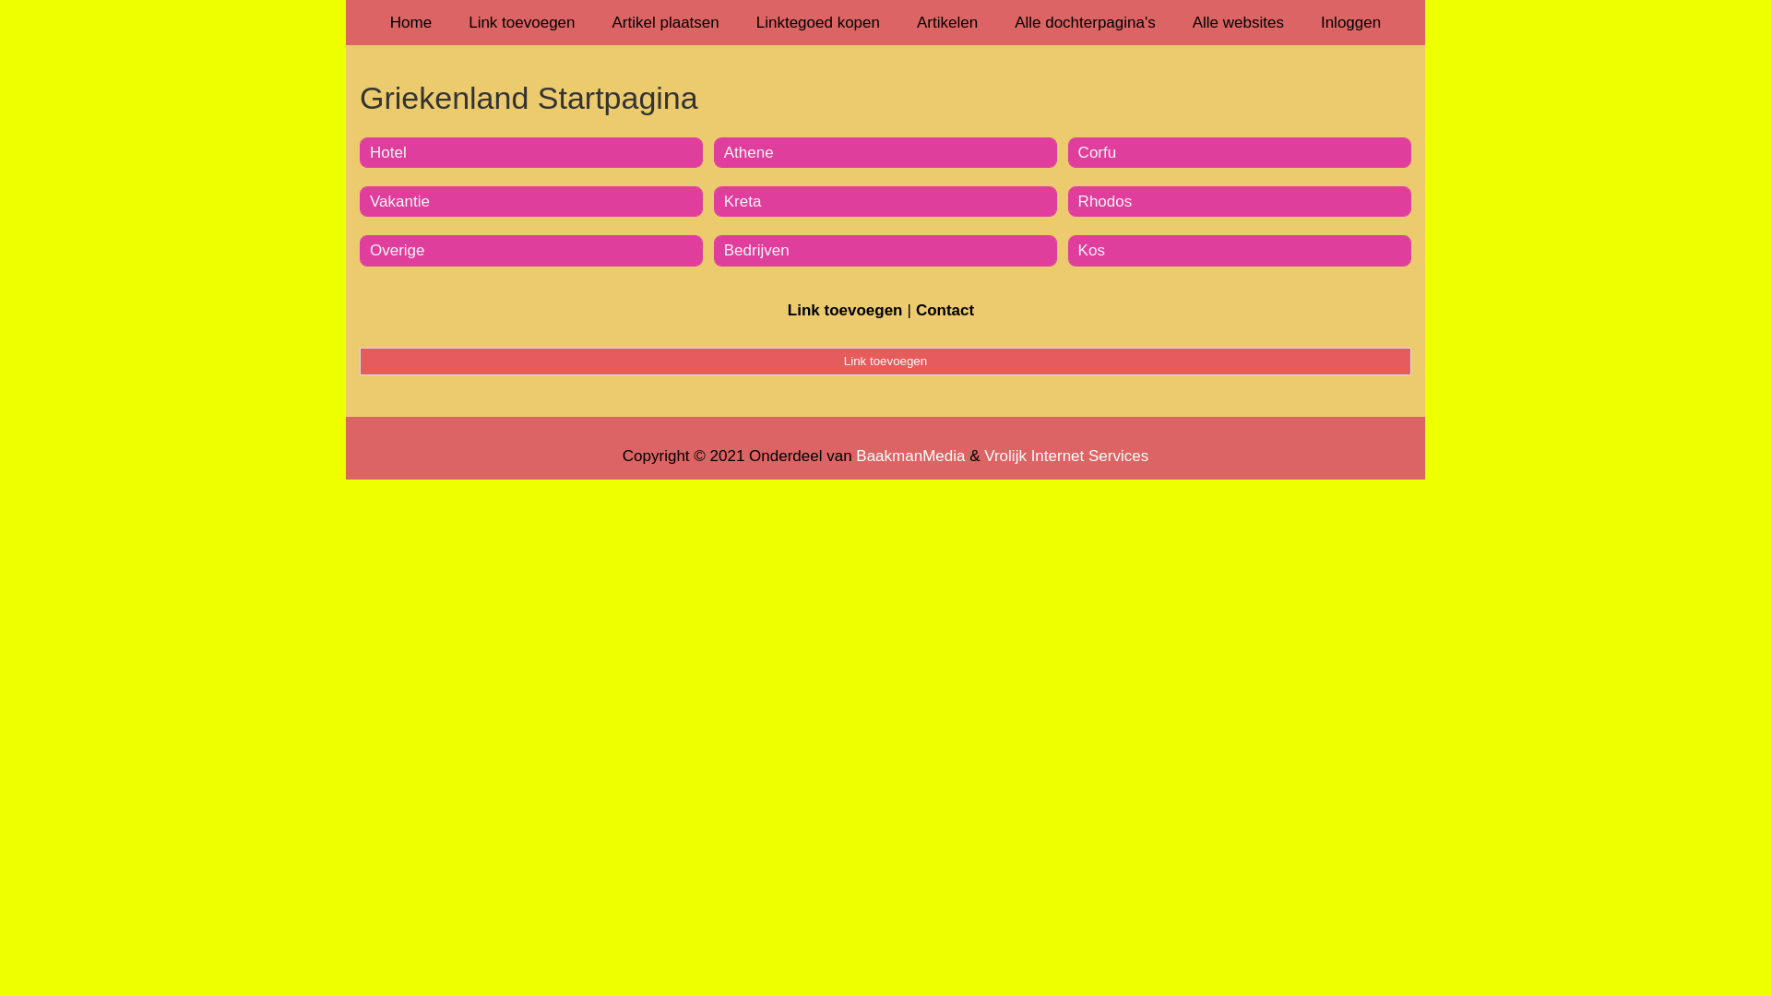  Describe the element at coordinates (410, 22) in the screenshot. I see `'Home'` at that location.